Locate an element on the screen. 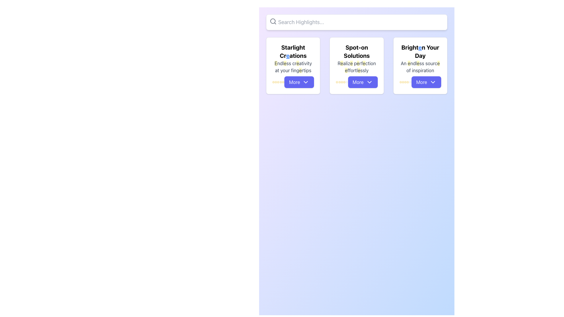 The width and height of the screenshot is (564, 317). the yellow-highlighted lowercase letter 'e' in the text 'Realize perfection effortlessly' within the 'Spot-on Solutions' card, which is styled with a bold font and is distinct due to its yellow background is located at coordinates (357, 63).